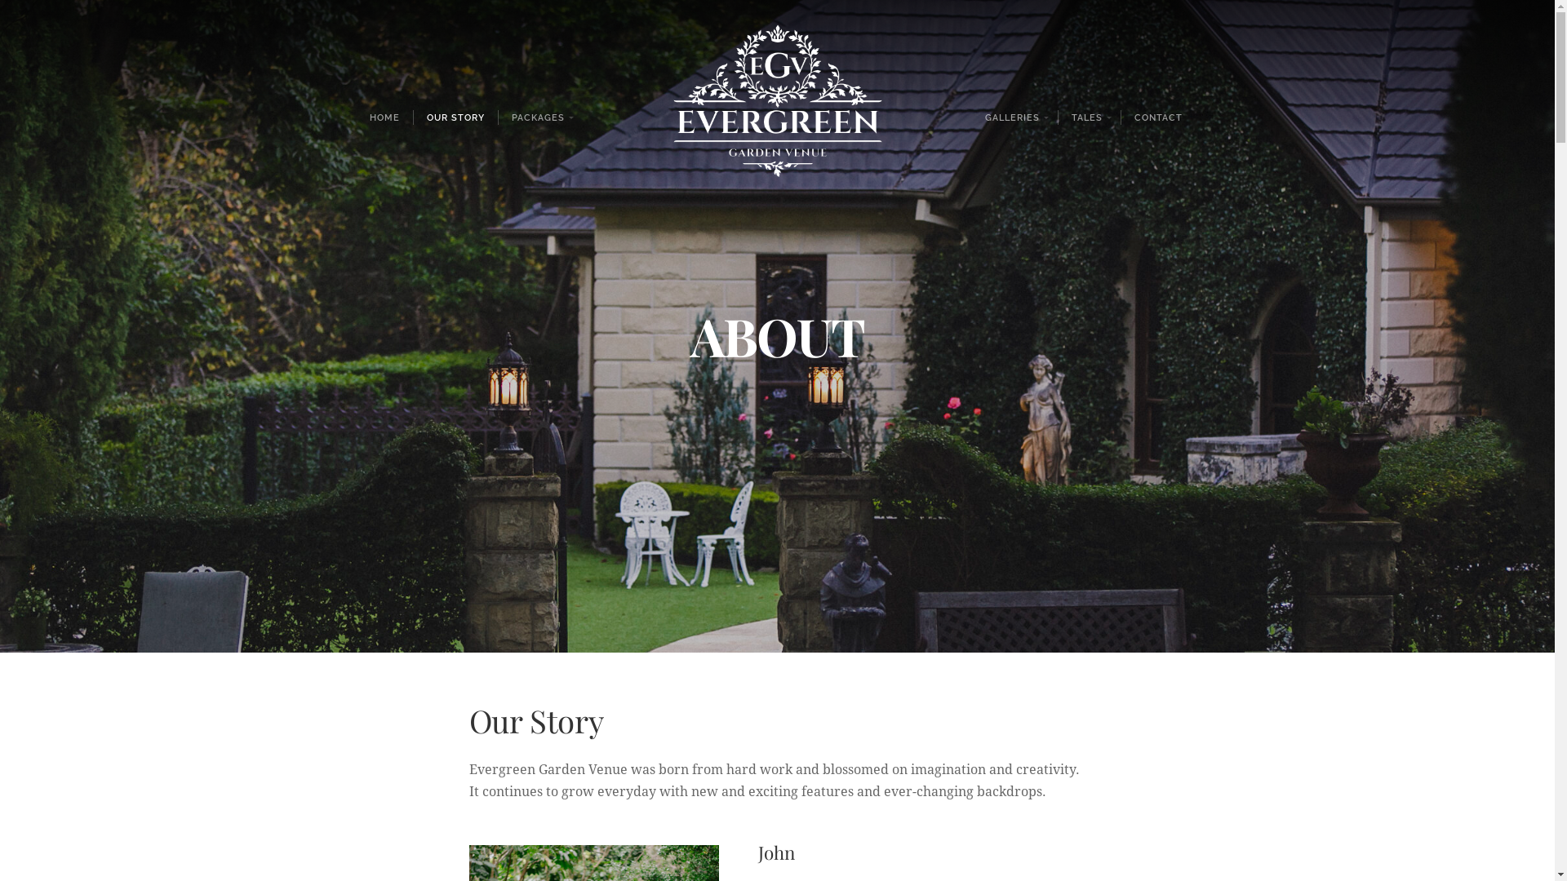  I want to click on 'Wedding venue Gold Coast -Evergreen Garden Venue', so click(775, 116).